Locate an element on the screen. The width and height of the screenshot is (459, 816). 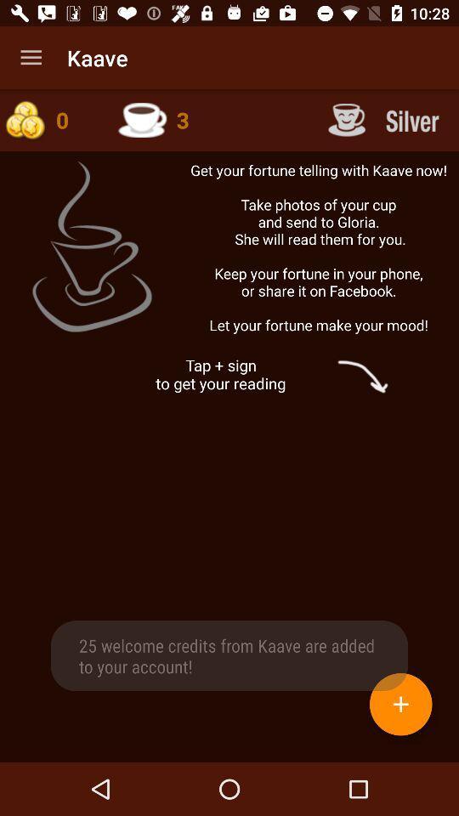
something is located at coordinates (400, 704).